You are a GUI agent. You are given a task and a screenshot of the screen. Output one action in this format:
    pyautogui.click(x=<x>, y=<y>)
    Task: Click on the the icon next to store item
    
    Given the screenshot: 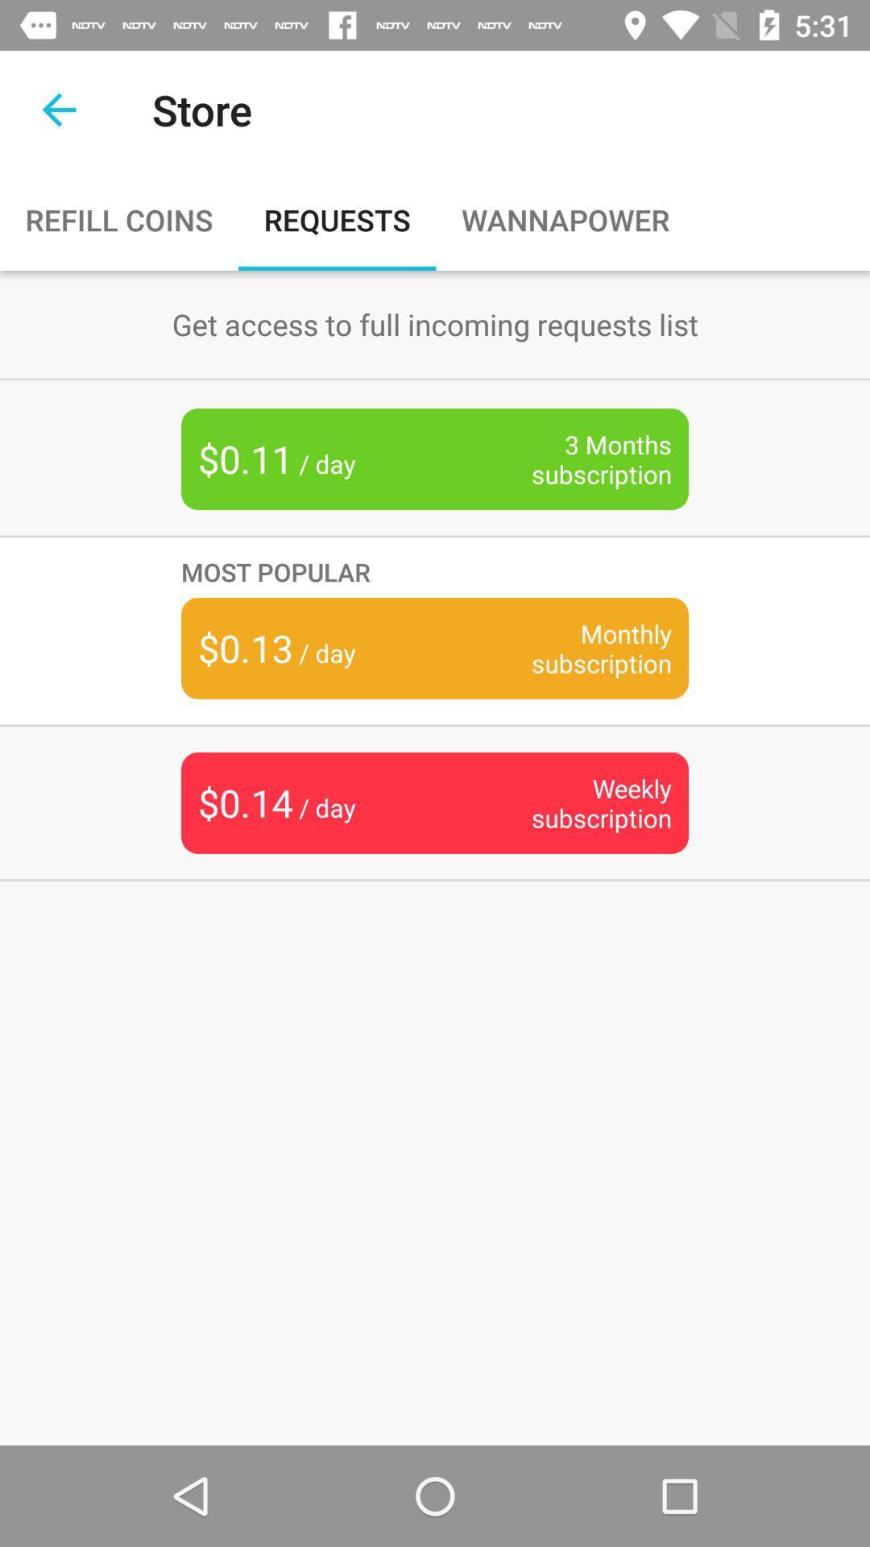 What is the action you would take?
    pyautogui.click(x=58, y=109)
    